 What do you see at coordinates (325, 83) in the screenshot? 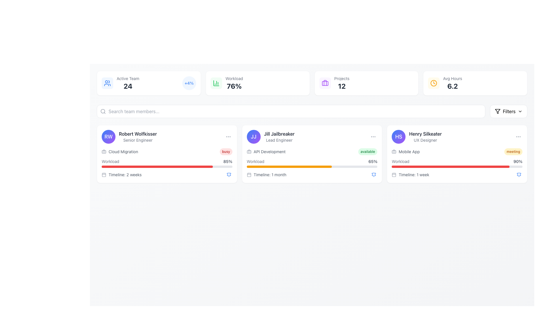
I see `the briefcase icon located in the top-left area of the 'Active Team' statistics card` at bounding box center [325, 83].